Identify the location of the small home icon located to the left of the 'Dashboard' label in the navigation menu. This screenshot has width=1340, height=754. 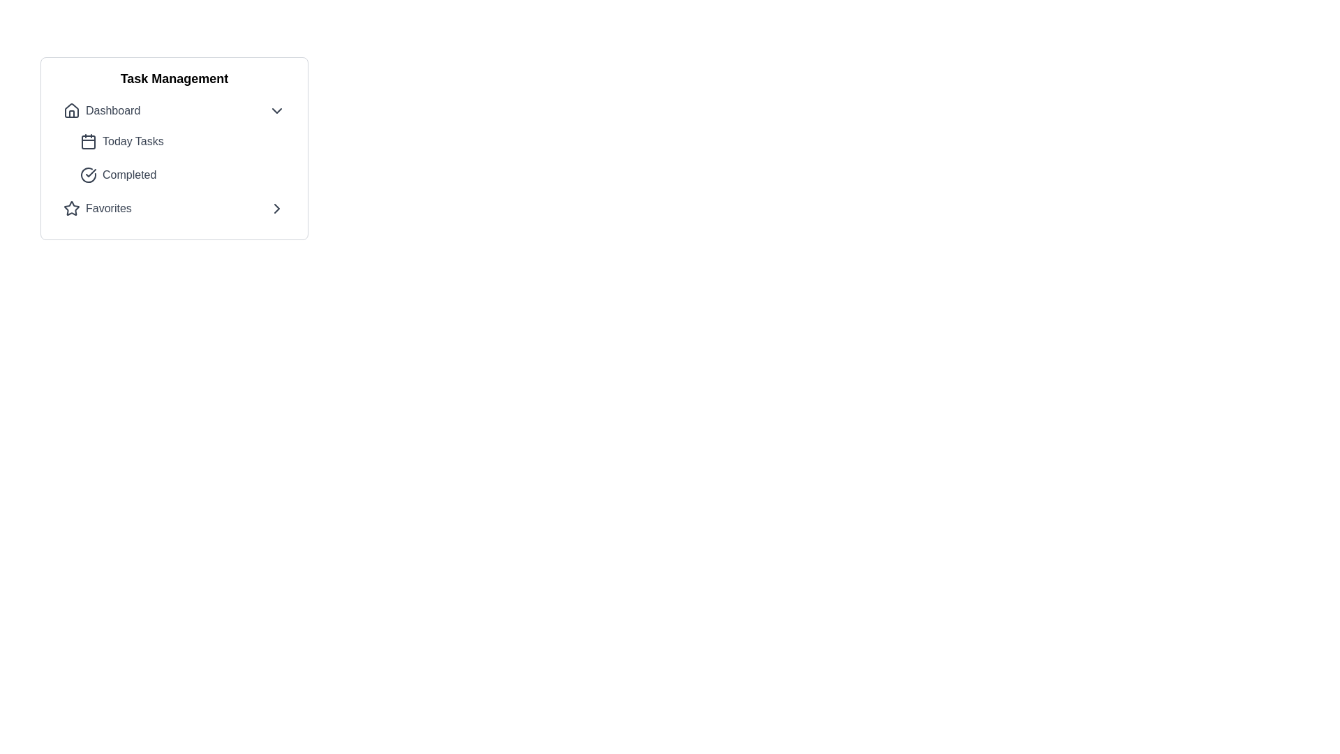
(70, 110).